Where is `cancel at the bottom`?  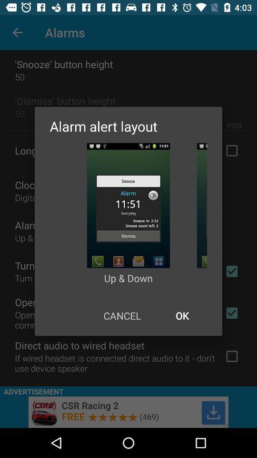 cancel at the bottom is located at coordinates (122, 315).